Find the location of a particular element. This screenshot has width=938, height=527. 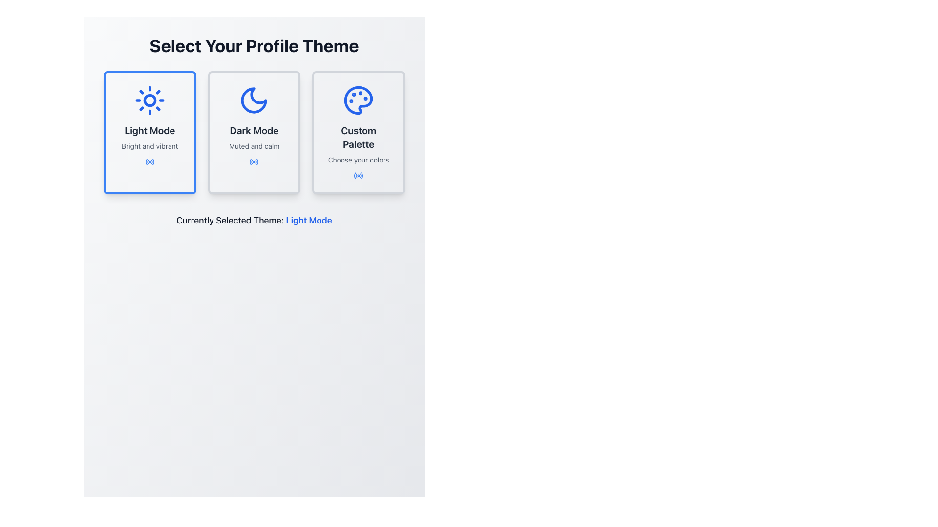

the descriptive text located centrally within the rightmost card, which encourages users to select or customize their color scheme is located at coordinates (358, 159).